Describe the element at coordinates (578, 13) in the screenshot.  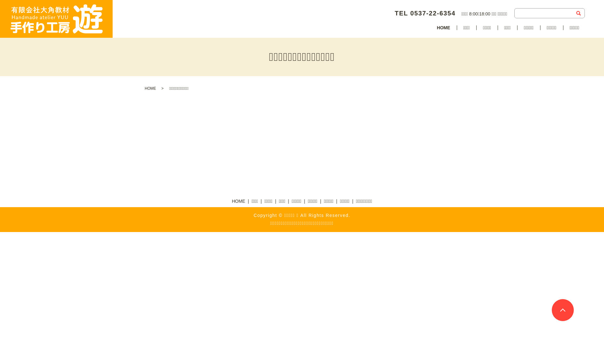
I see `'Search'` at that location.